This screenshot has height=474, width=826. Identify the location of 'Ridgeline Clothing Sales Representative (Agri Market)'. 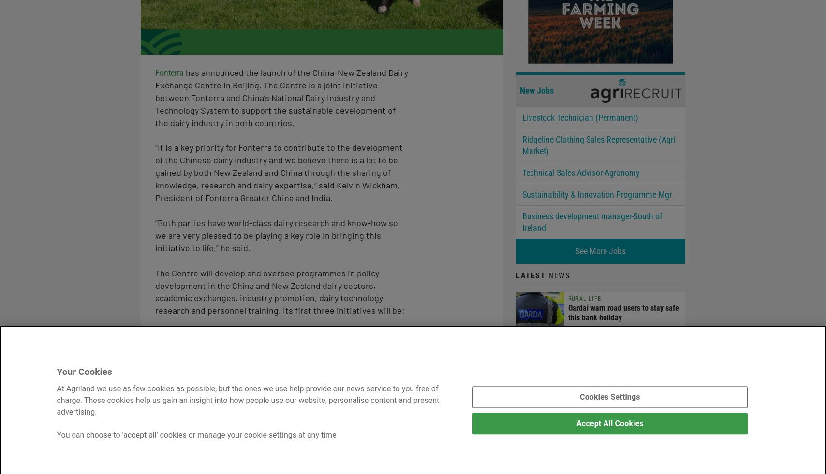
(598, 144).